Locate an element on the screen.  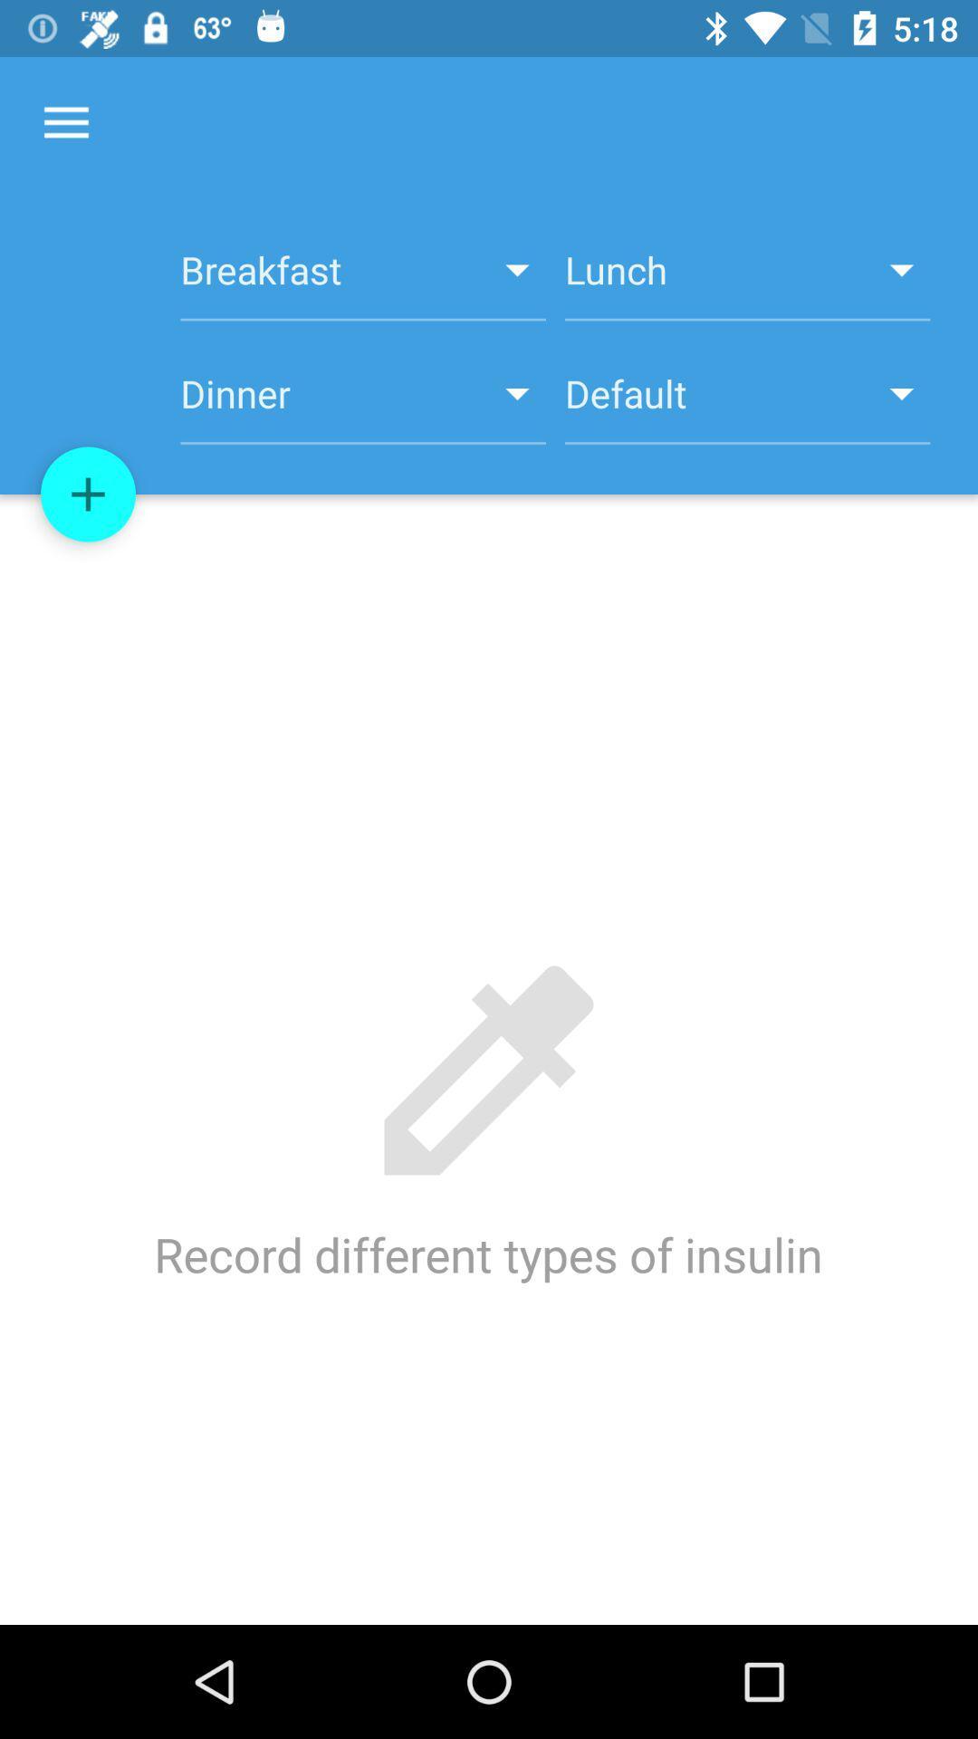
a meal is located at coordinates (88, 495).